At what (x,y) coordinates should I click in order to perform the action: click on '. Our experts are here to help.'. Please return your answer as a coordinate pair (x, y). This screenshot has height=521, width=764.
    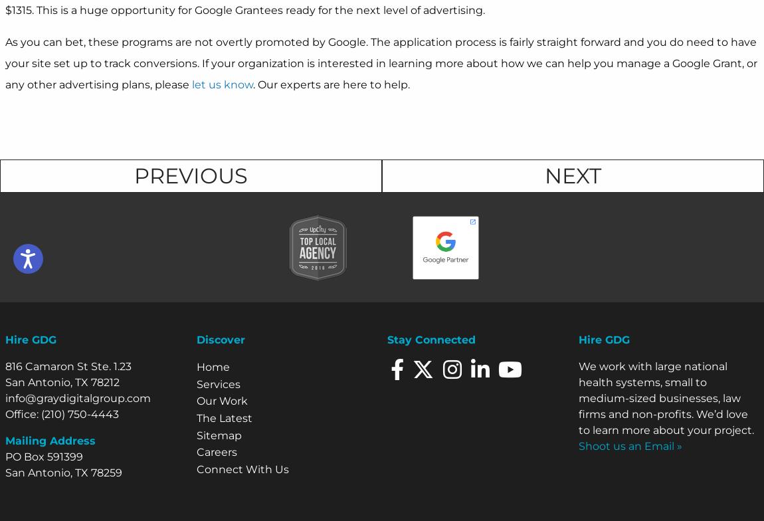
    Looking at the image, I should click on (331, 84).